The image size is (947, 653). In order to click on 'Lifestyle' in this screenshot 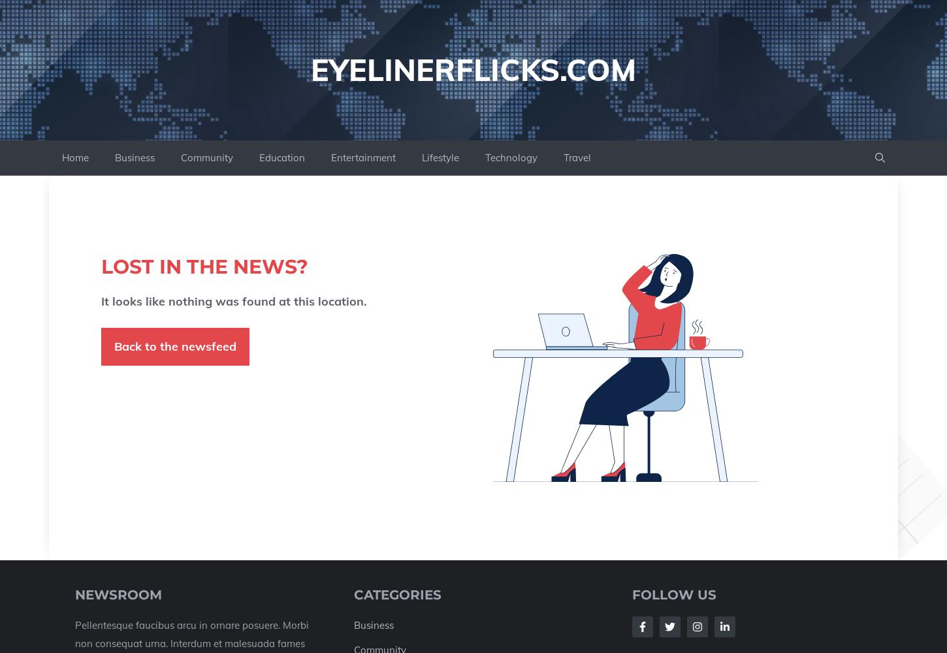, I will do `click(440, 157)`.